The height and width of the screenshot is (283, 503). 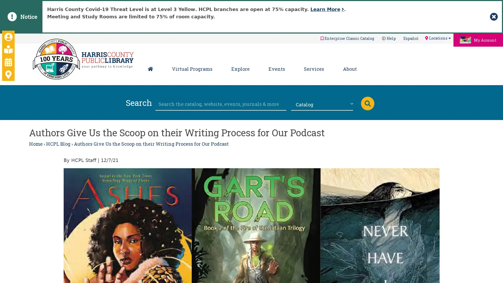 I want to click on Locations, so click(x=438, y=38).